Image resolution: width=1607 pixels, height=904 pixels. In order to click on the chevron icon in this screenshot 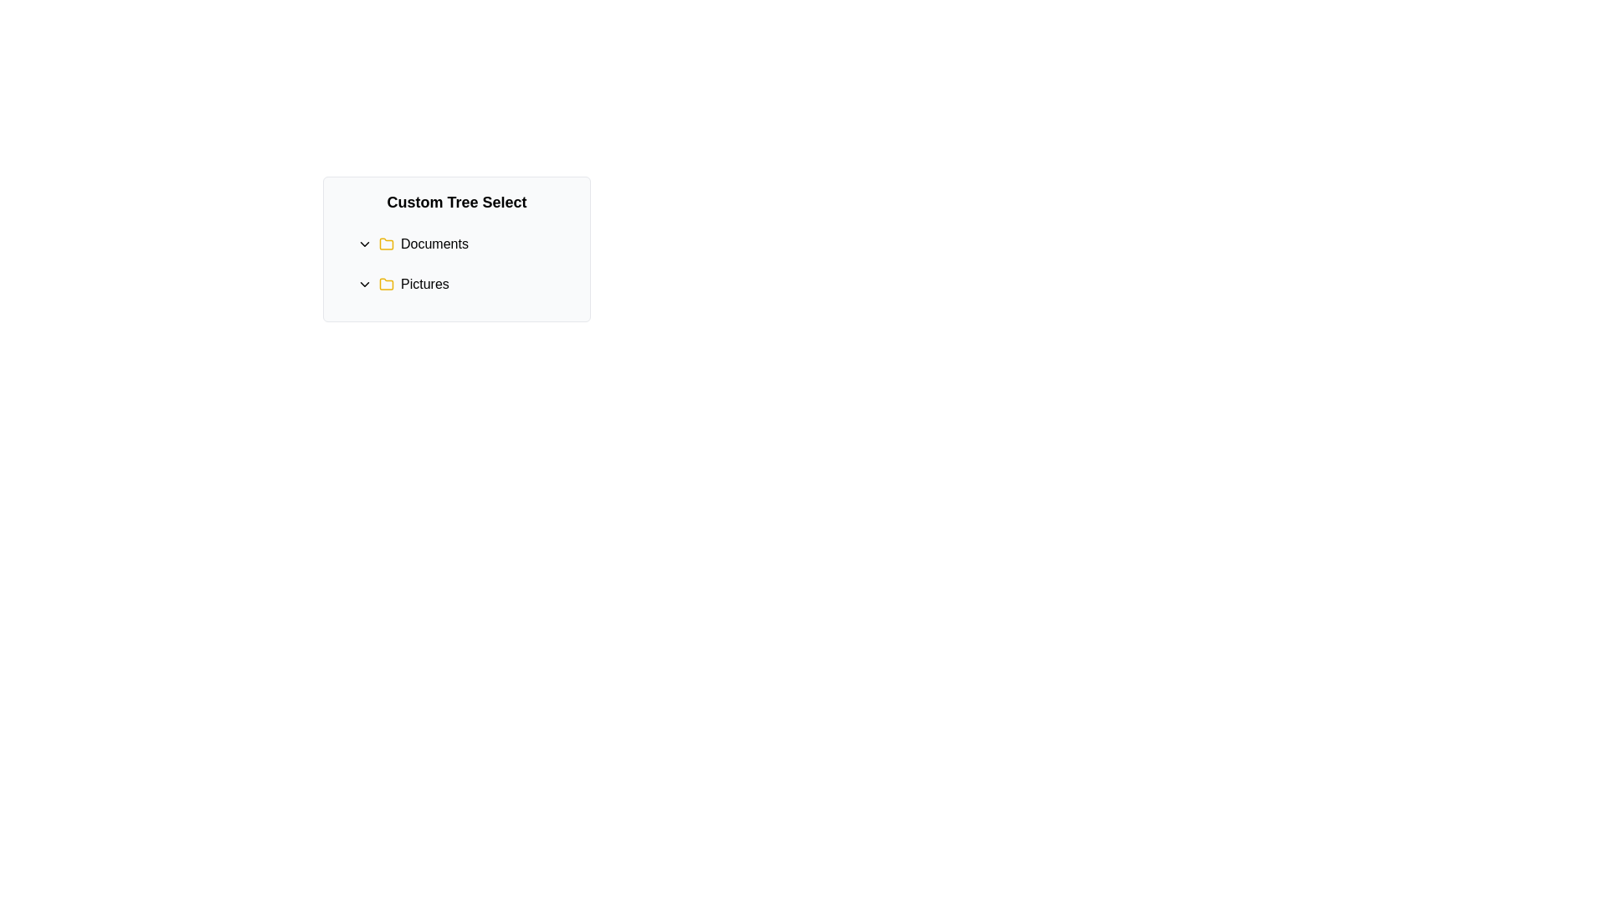, I will do `click(364, 283)`.